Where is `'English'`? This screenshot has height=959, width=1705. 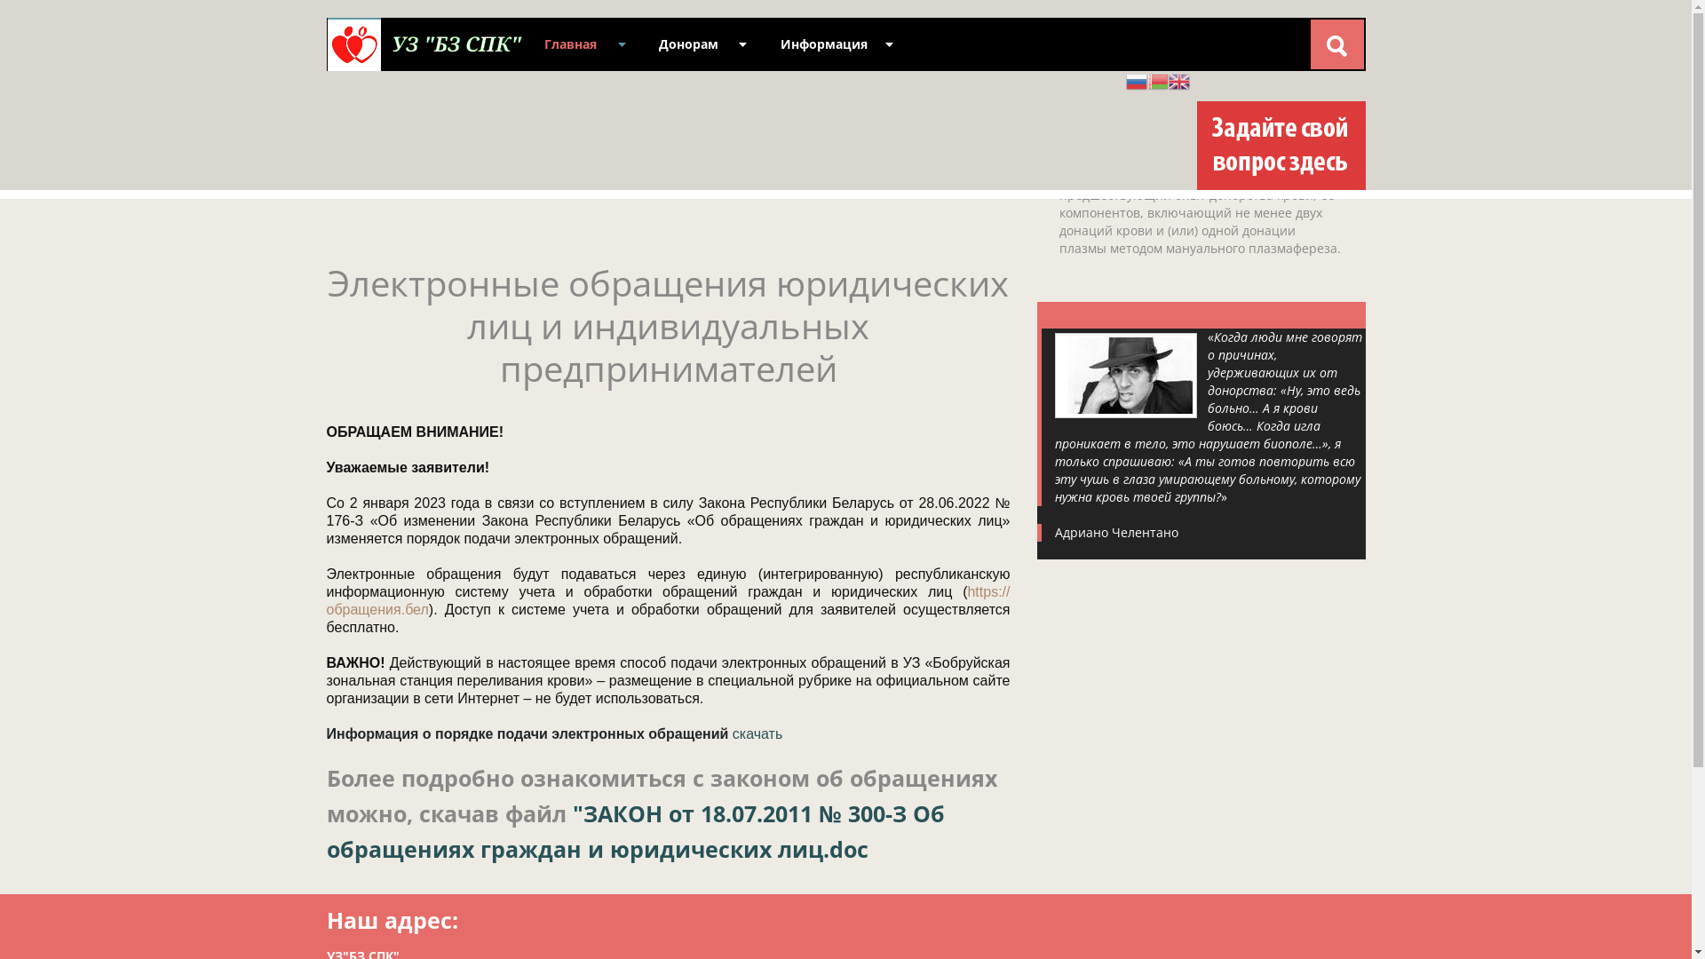
'English' is located at coordinates (1179, 80).